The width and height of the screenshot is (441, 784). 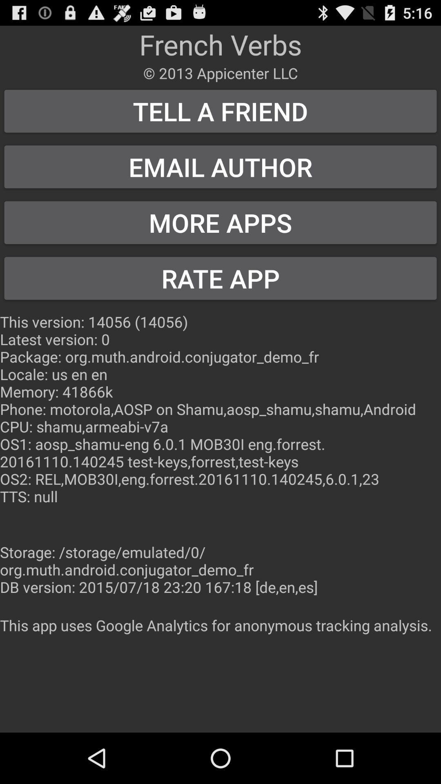 I want to click on rate app, so click(x=220, y=278).